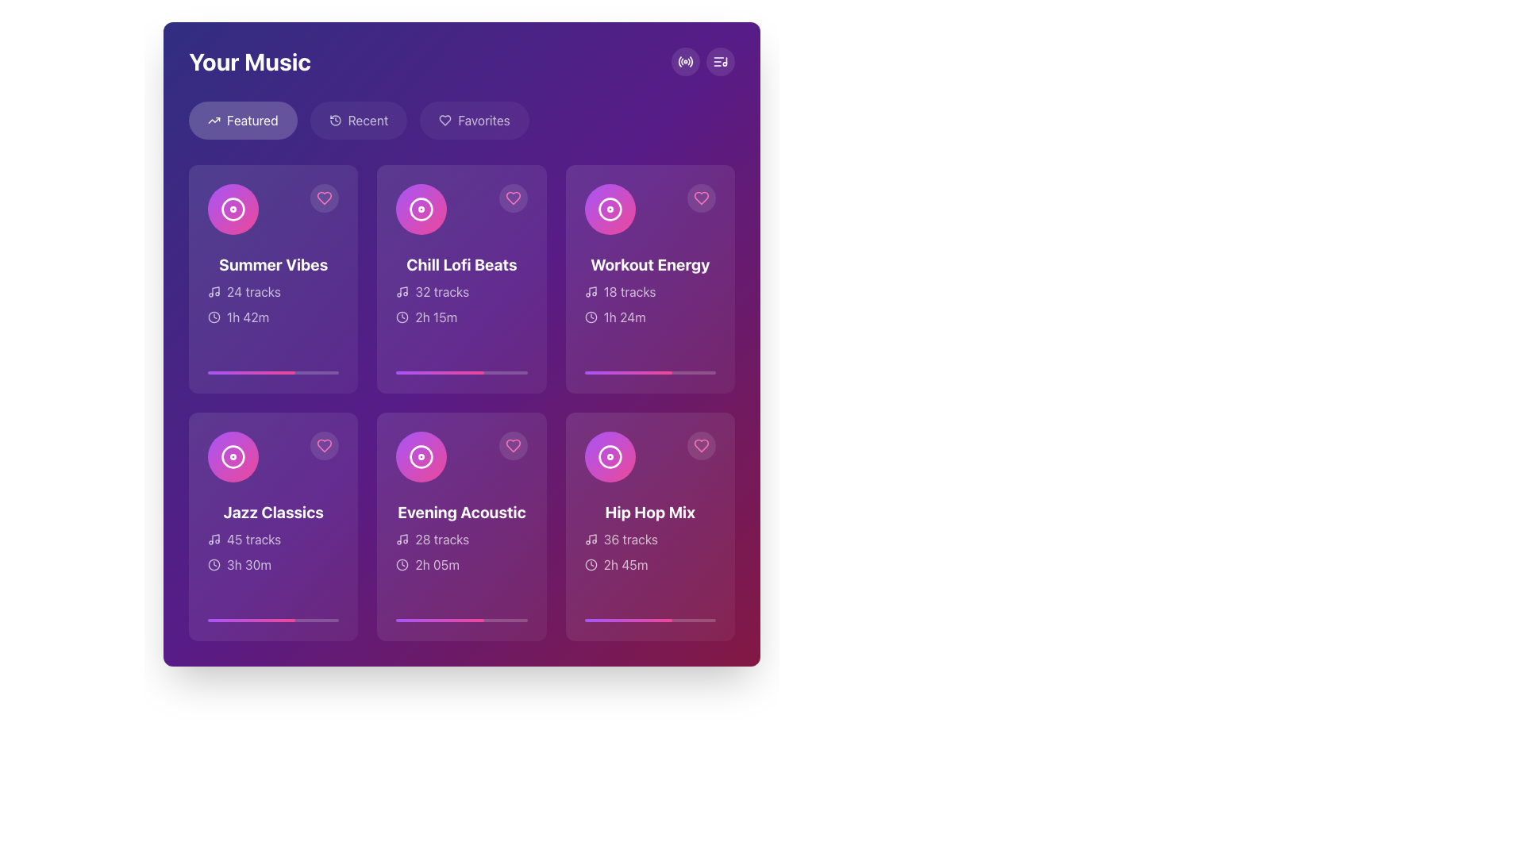 The image size is (1524, 857). Describe the element at coordinates (402, 317) in the screenshot. I see `the clock icon located within the 'Chill Lofi Beats' card, positioned to the left of the '2h 15m' text` at that location.